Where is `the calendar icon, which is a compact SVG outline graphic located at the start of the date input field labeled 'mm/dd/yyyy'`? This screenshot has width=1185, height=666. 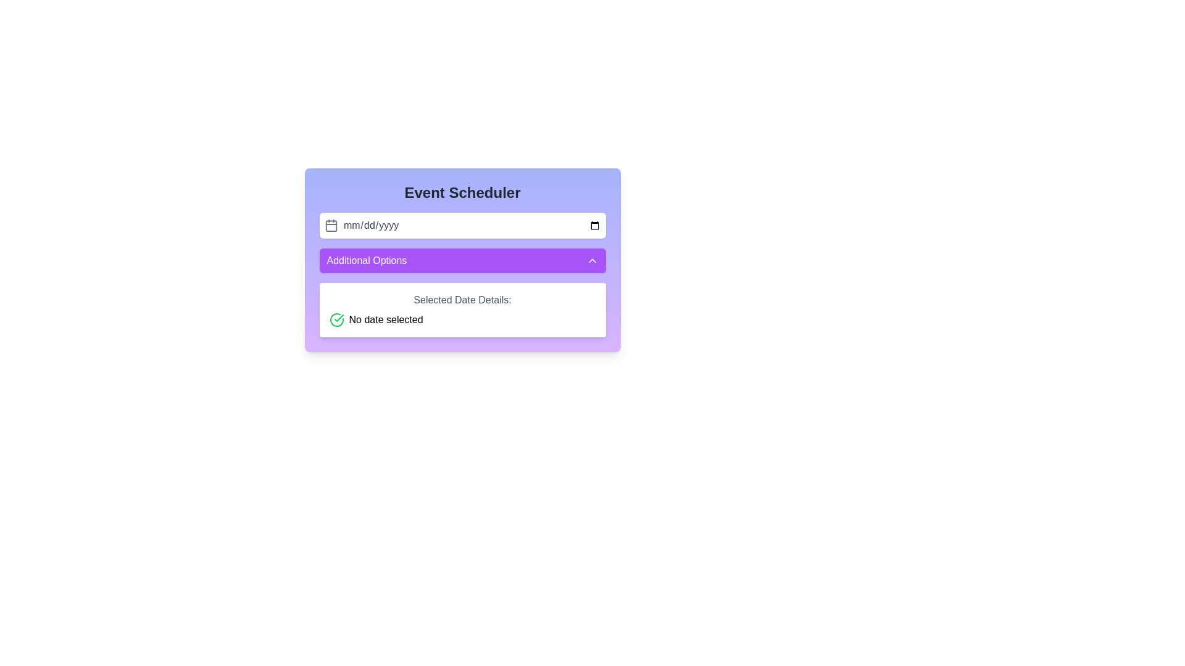
the calendar icon, which is a compact SVG outline graphic located at the start of the date input field labeled 'mm/dd/yyyy' is located at coordinates (331, 226).